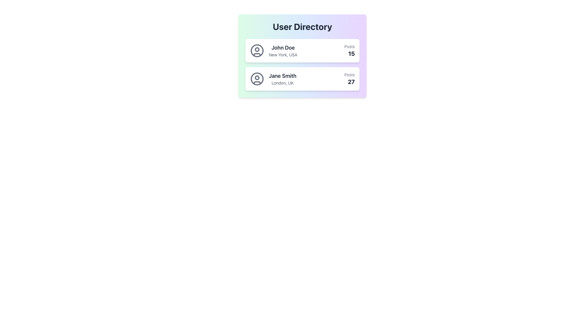 The image size is (563, 317). Describe the element at coordinates (283, 55) in the screenshot. I see `the 'New York, USA' text label, which is styled with a smaller font size and gray color, located below the 'John Doe' label in the user profile card within the 'User Directory' section` at that location.